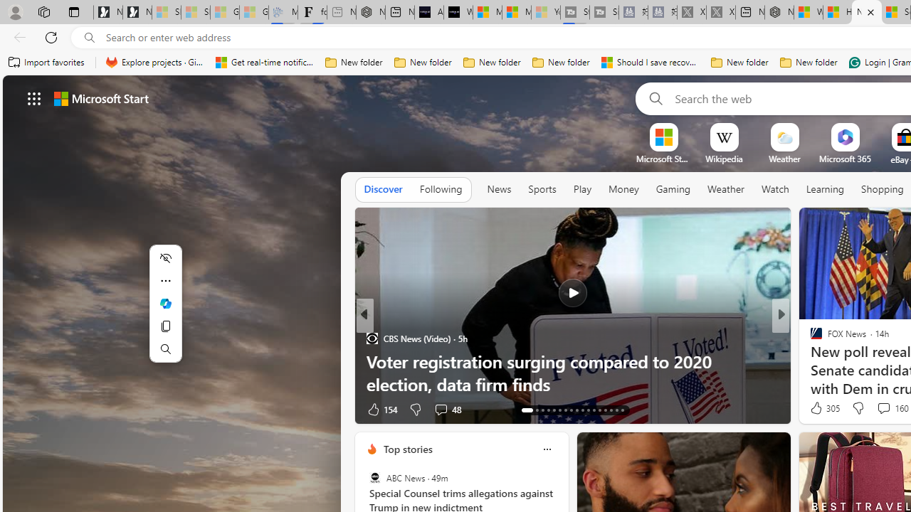 The height and width of the screenshot is (512, 911). I want to click on 'Copy', so click(165, 326).